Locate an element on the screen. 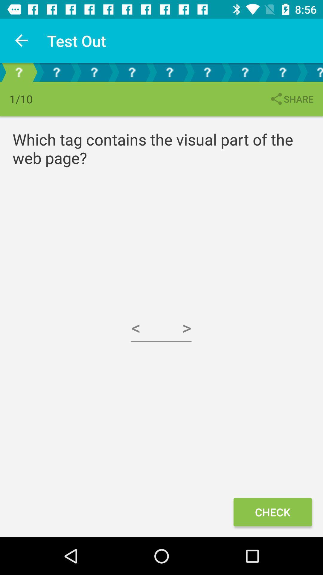 The width and height of the screenshot is (323, 575). icon next to test out item is located at coordinates (22, 40).